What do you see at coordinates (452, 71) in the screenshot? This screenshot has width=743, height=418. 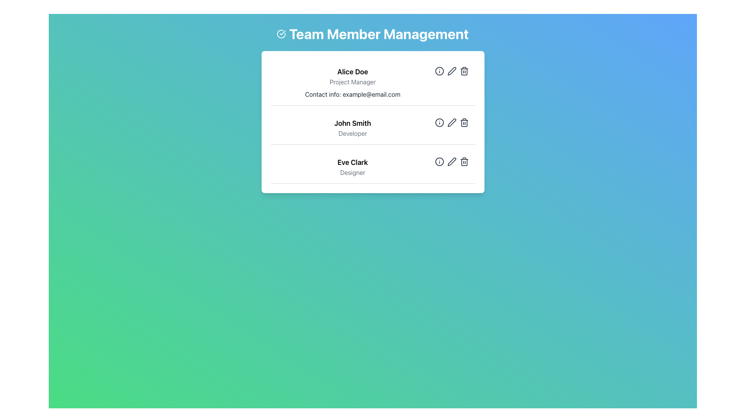 I see `the pencil-shaped edit button located to the right of the 'Alice Doe' entry in the team member list to initiate the edit action` at bounding box center [452, 71].